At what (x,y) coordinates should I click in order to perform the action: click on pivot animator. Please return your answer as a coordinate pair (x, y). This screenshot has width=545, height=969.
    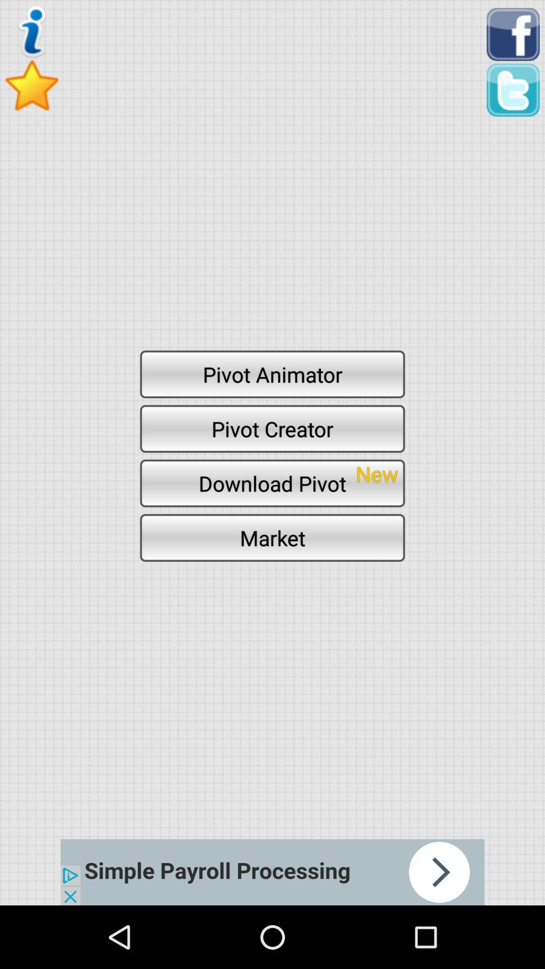
    Looking at the image, I should click on (272, 373).